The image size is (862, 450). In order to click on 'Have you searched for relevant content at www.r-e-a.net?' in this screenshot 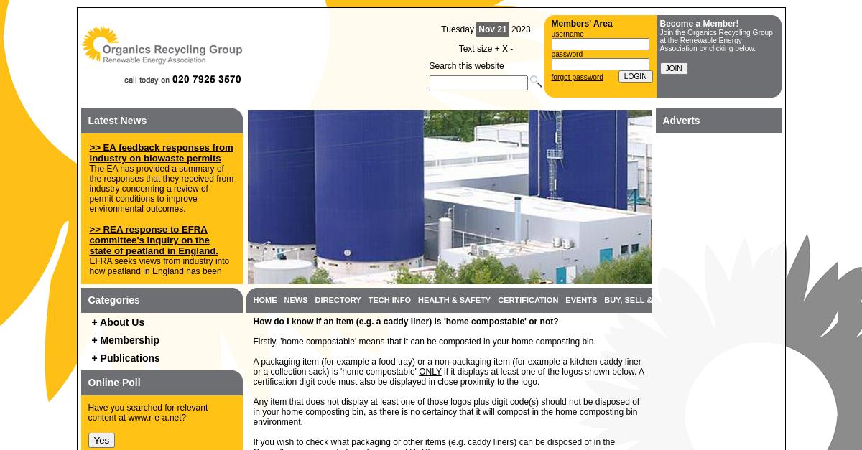, I will do `click(88, 412)`.